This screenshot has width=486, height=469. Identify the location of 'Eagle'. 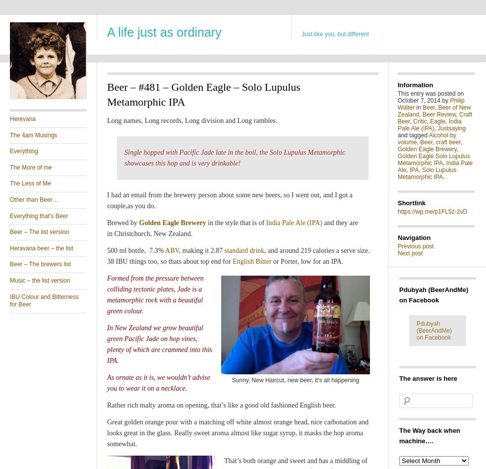
(437, 121).